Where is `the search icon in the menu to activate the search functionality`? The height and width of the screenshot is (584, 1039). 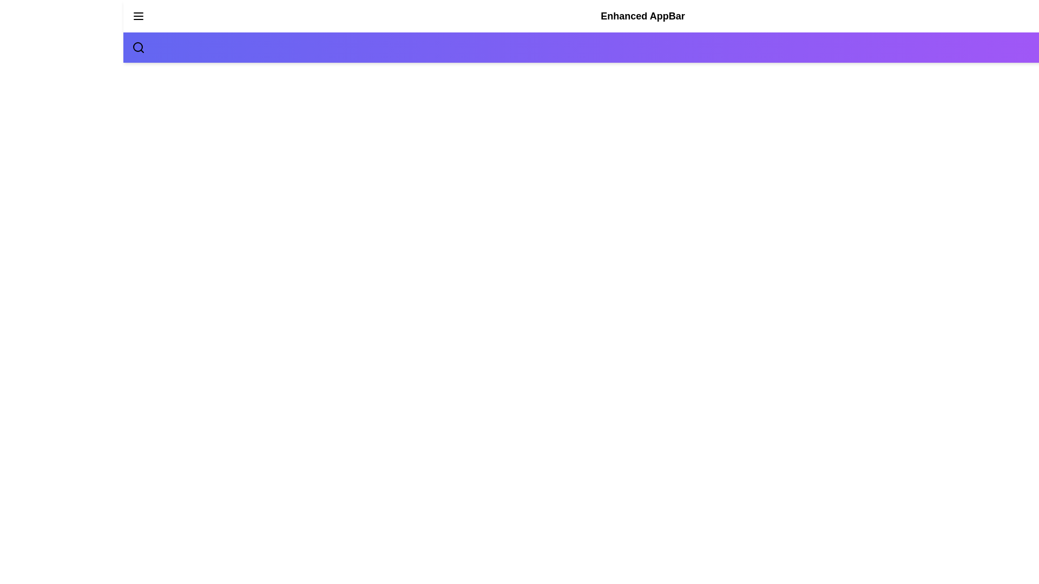 the search icon in the menu to activate the search functionality is located at coordinates (137, 47).